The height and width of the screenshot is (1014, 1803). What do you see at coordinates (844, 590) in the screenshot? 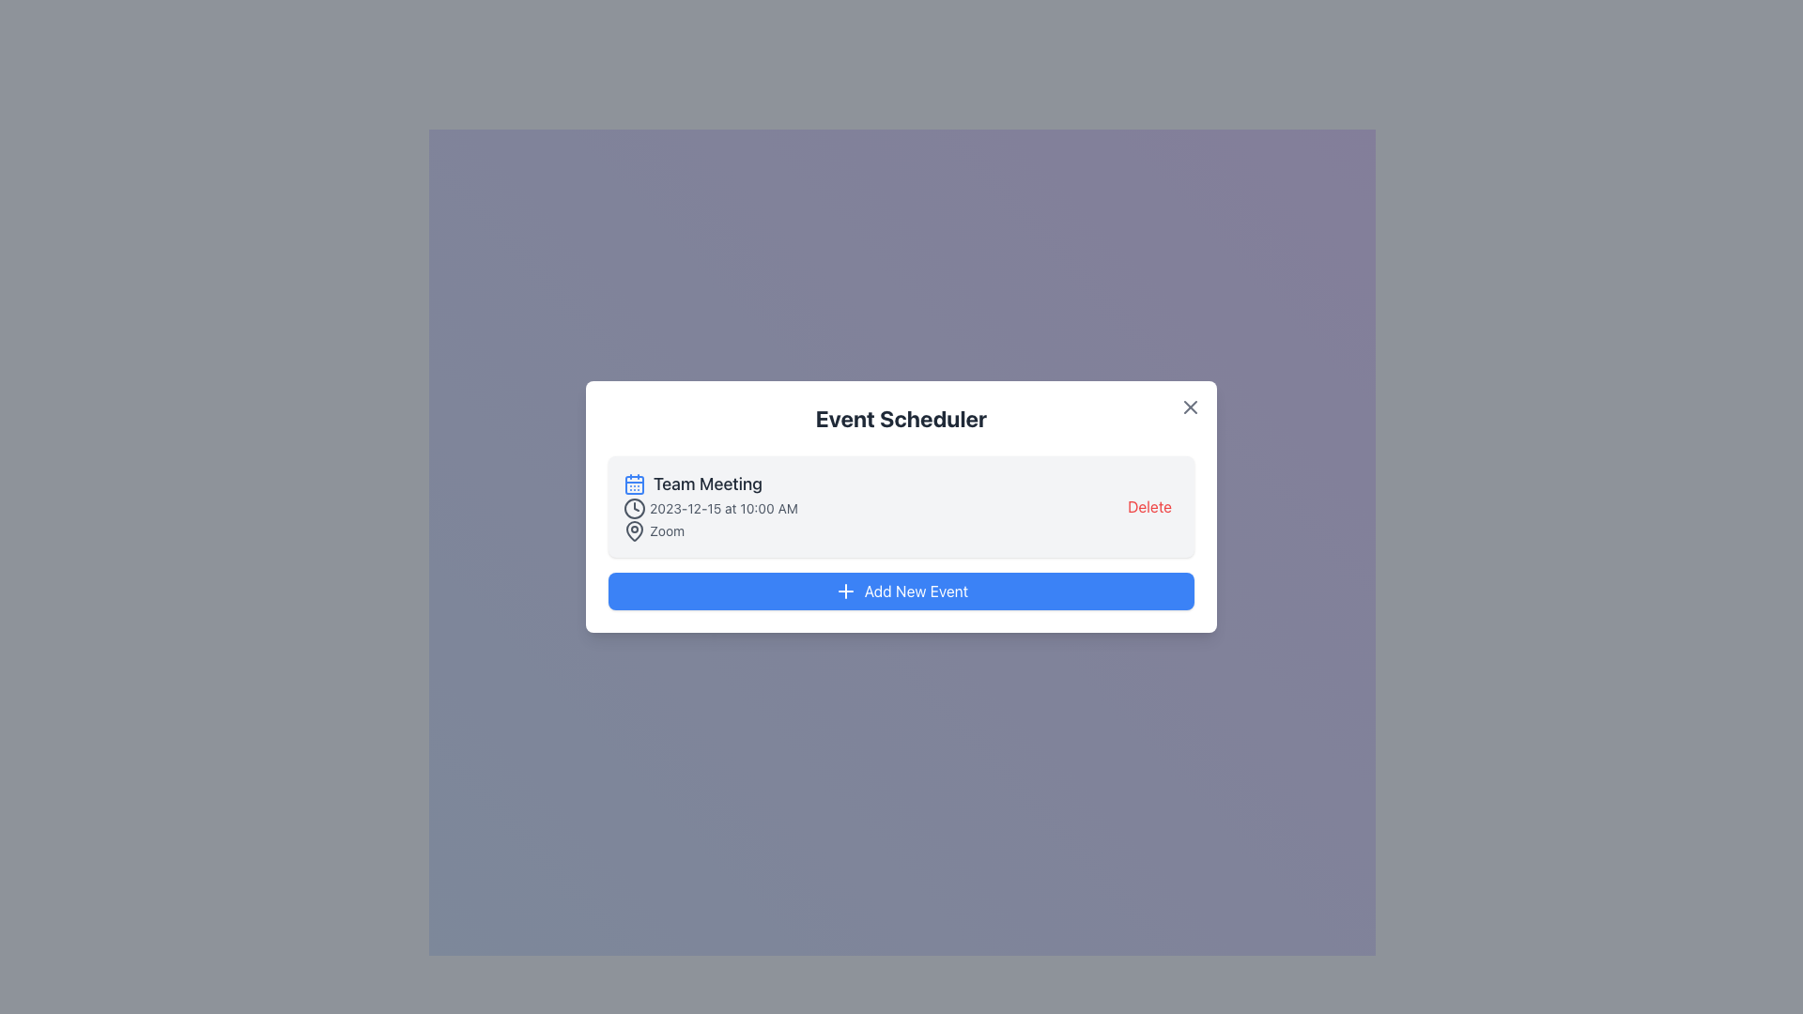
I see `the small circular icon with a blue background and white plus symbol, located within the 'Add New Event' button at the bottom of the modal window` at bounding box center [844, 590].